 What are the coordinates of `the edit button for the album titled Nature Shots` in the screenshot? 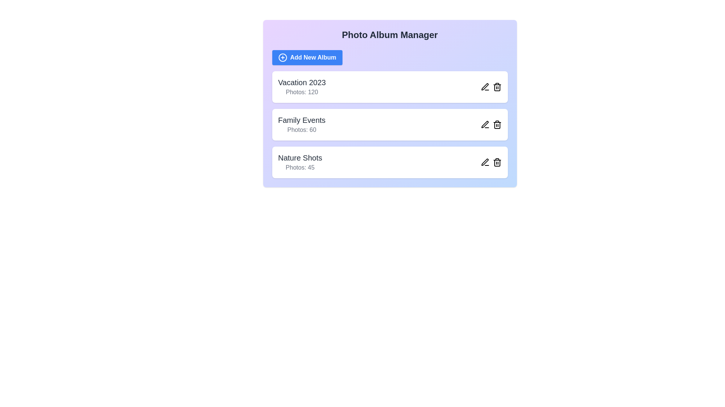 It's located at (485, 162).